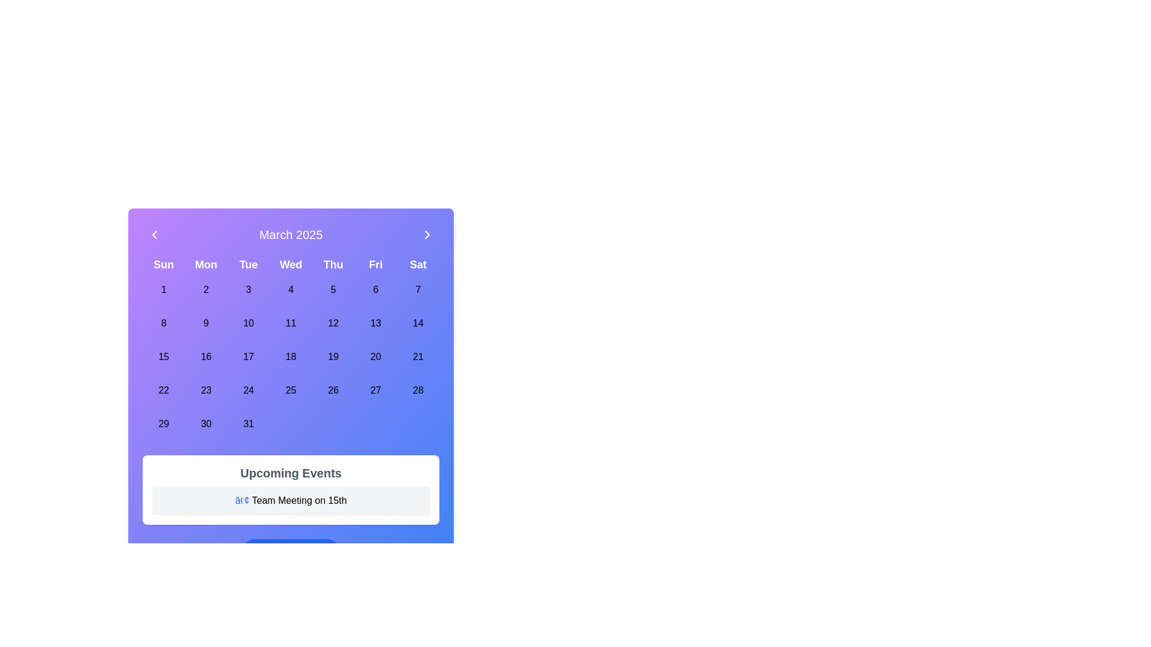 This screenshot has width=1151, height=647. Describe the element at coordinates (375, 264) in the screenshot. I see `the bold white text label 'Fri' which is styled with a large font size and is positioned in the top row of a grid layout of day labels` at that location.